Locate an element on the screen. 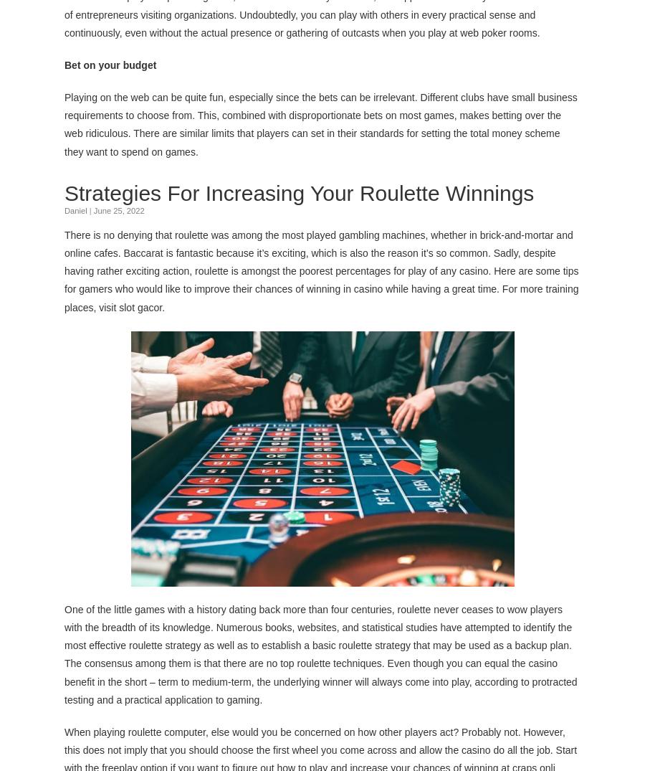 The image size is (645, 771). '|' is located at coordinates (90, 209).